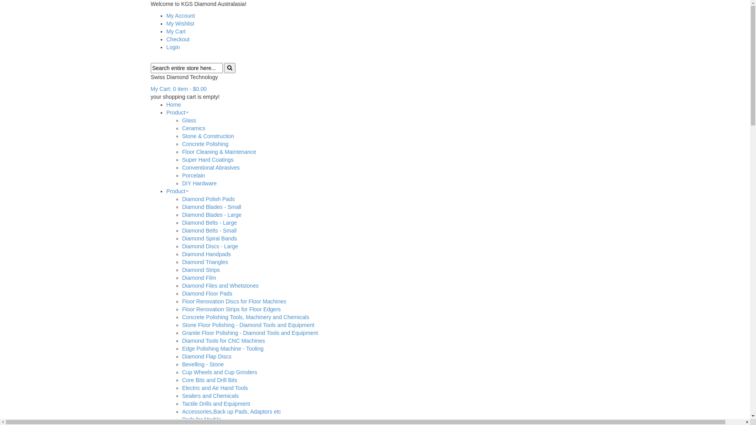 Image resolution: width=756 pixels, height=425 pixels. Describe the element at coordinates (220, 285) in the screenshot. I see `'Diamond Files and Whetstones'` at that location.